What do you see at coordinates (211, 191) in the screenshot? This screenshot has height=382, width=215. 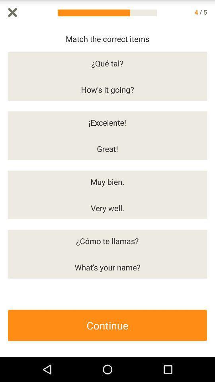 I see `come back` at bounding box center [211, 191].